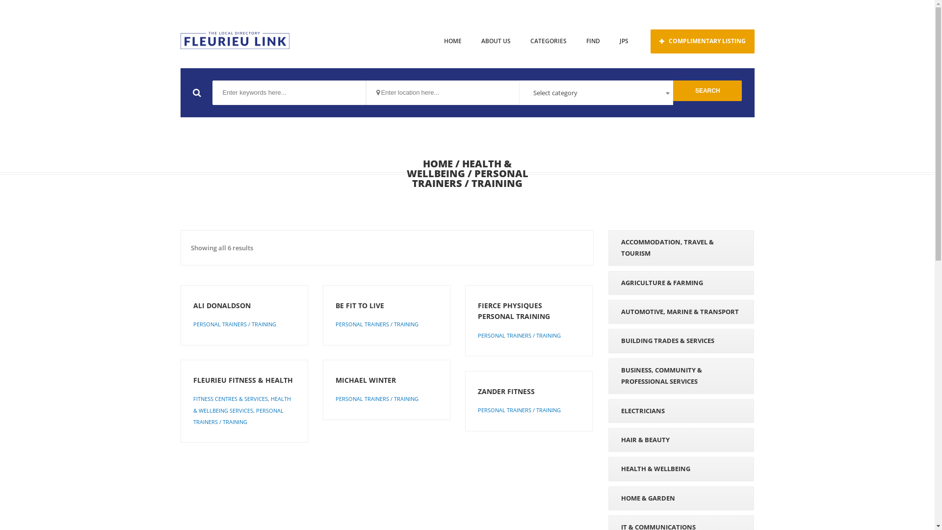 The width and height of the screenshot is (942, 530). Describe the element at coordinates (680, 439) in the screenshot. I see `'HAIR & BEAUTY'` at that location.